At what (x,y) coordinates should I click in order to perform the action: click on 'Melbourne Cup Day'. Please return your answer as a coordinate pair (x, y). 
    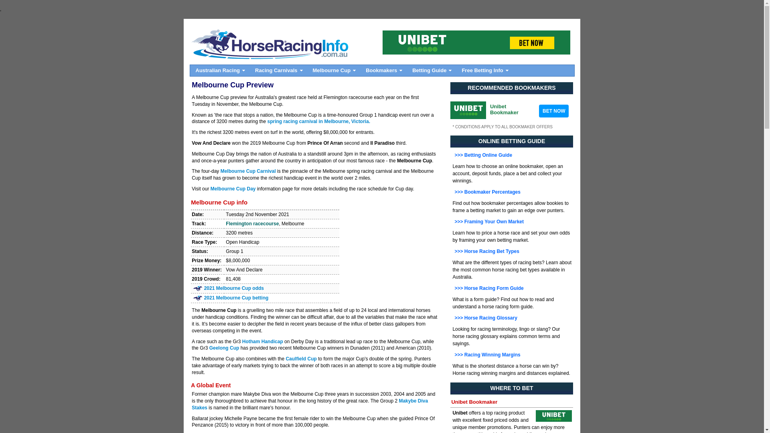
    Looking at the image, I should click on (233, 188).